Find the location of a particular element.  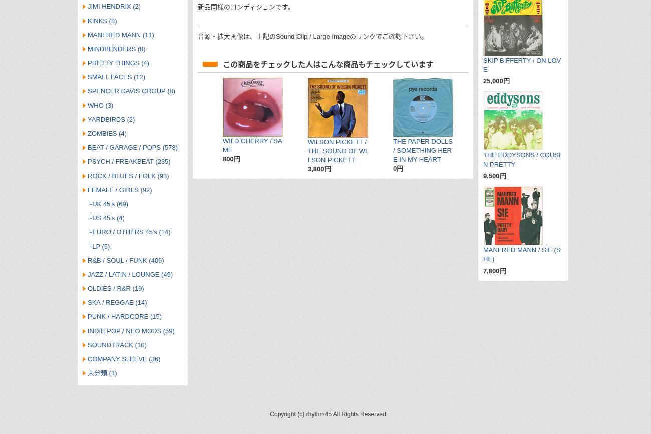

'EURO / OTHERS 45's (14)' is located at coordinates (130, 231).